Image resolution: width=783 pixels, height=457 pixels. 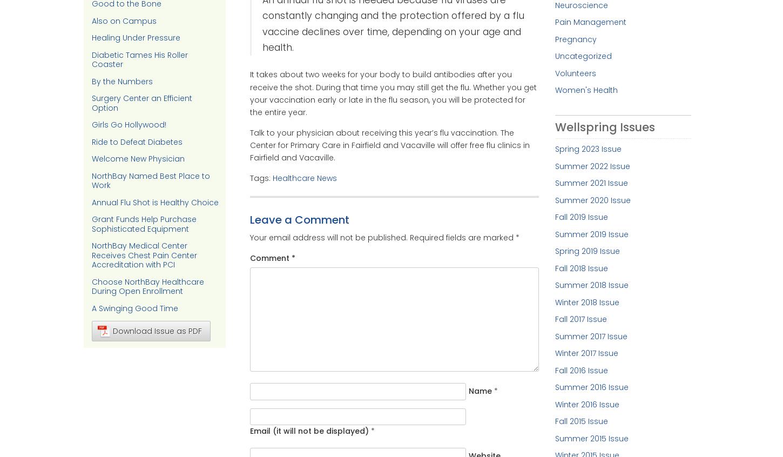 I want to click on 'Pregnancy', so click(x=575, y=38).